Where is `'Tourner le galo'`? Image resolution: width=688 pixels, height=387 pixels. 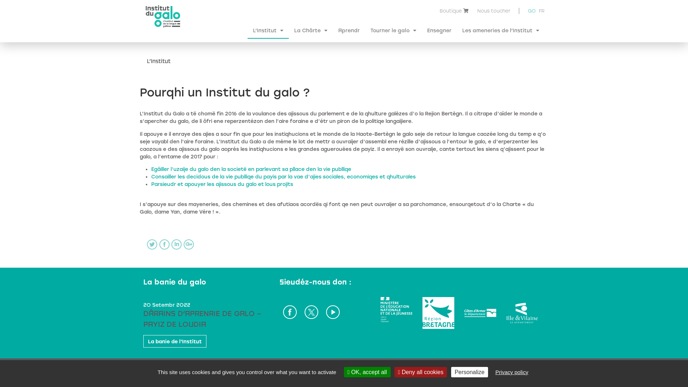 'Tourner le galo' is located at coordinates (393, 30).